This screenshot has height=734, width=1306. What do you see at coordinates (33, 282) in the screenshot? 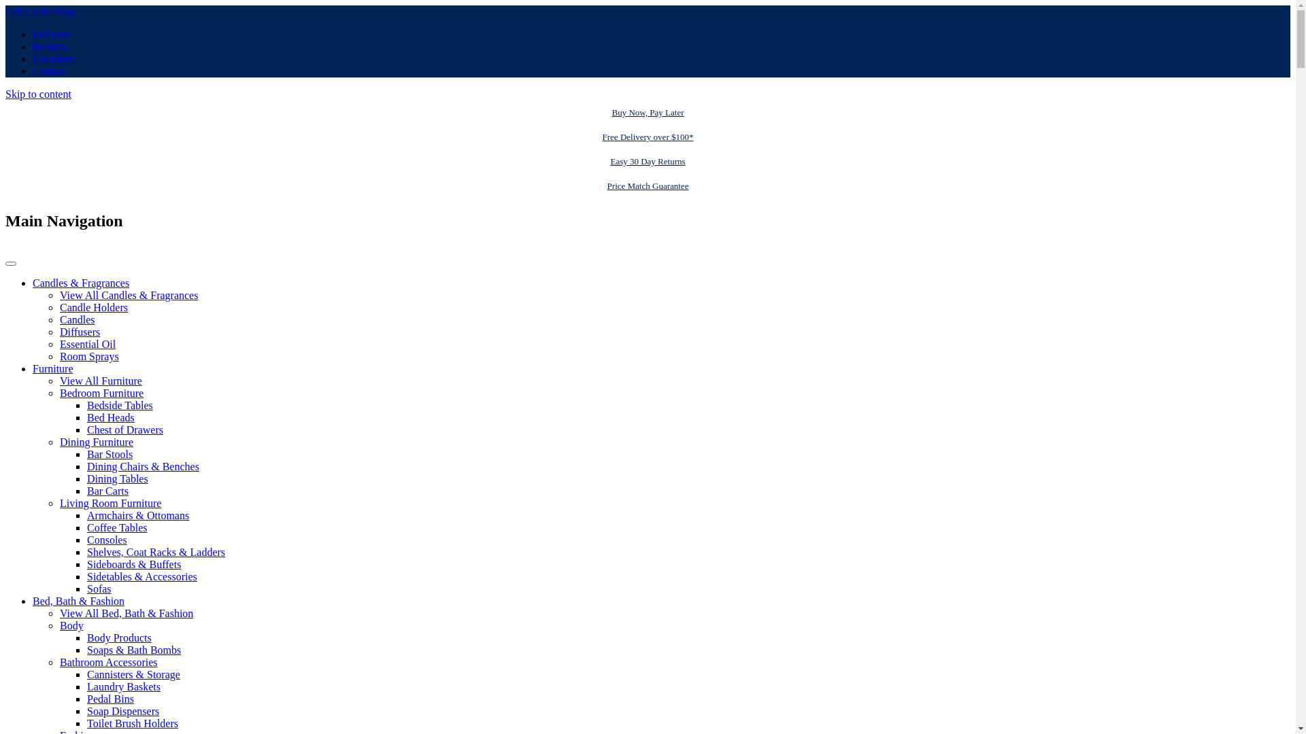
I see `'Candles & Fragrances'` at bounding box center [33, 282].